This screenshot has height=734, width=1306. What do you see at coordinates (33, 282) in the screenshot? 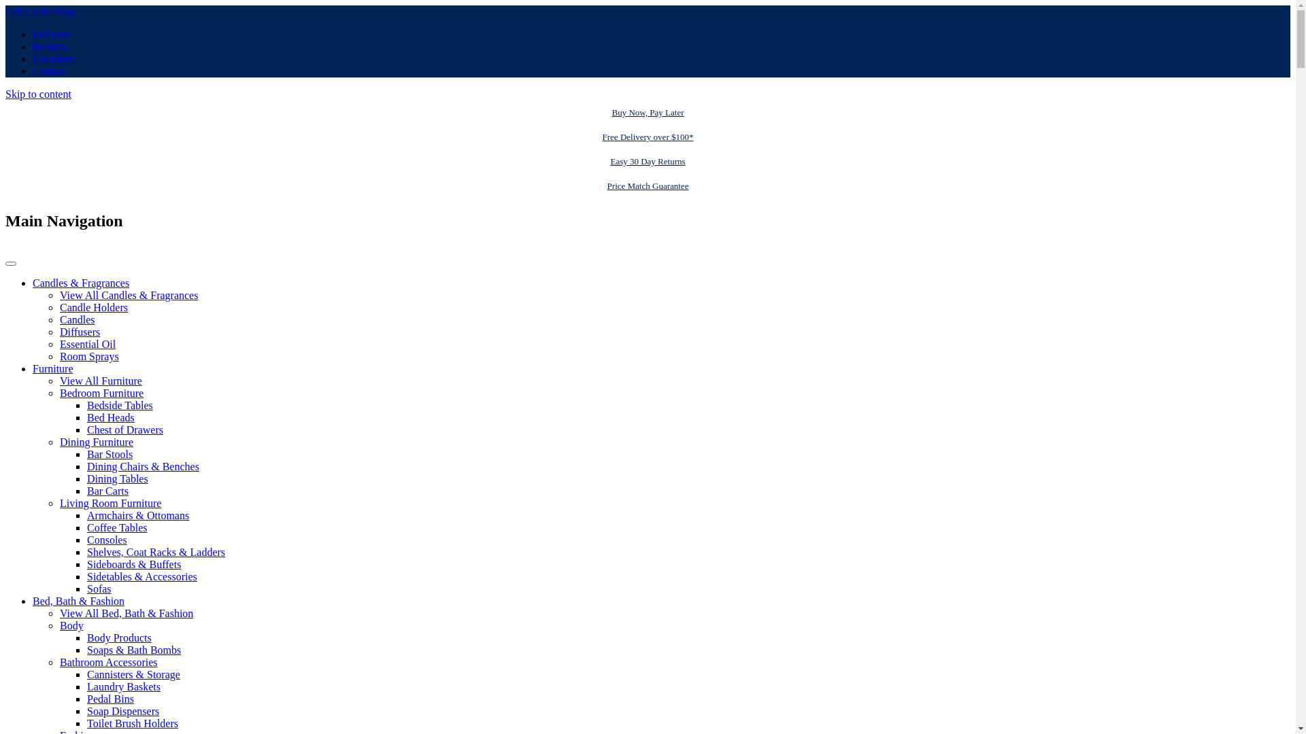
I see `'Candles & Fragrances'` at bounding box center [33, 282].